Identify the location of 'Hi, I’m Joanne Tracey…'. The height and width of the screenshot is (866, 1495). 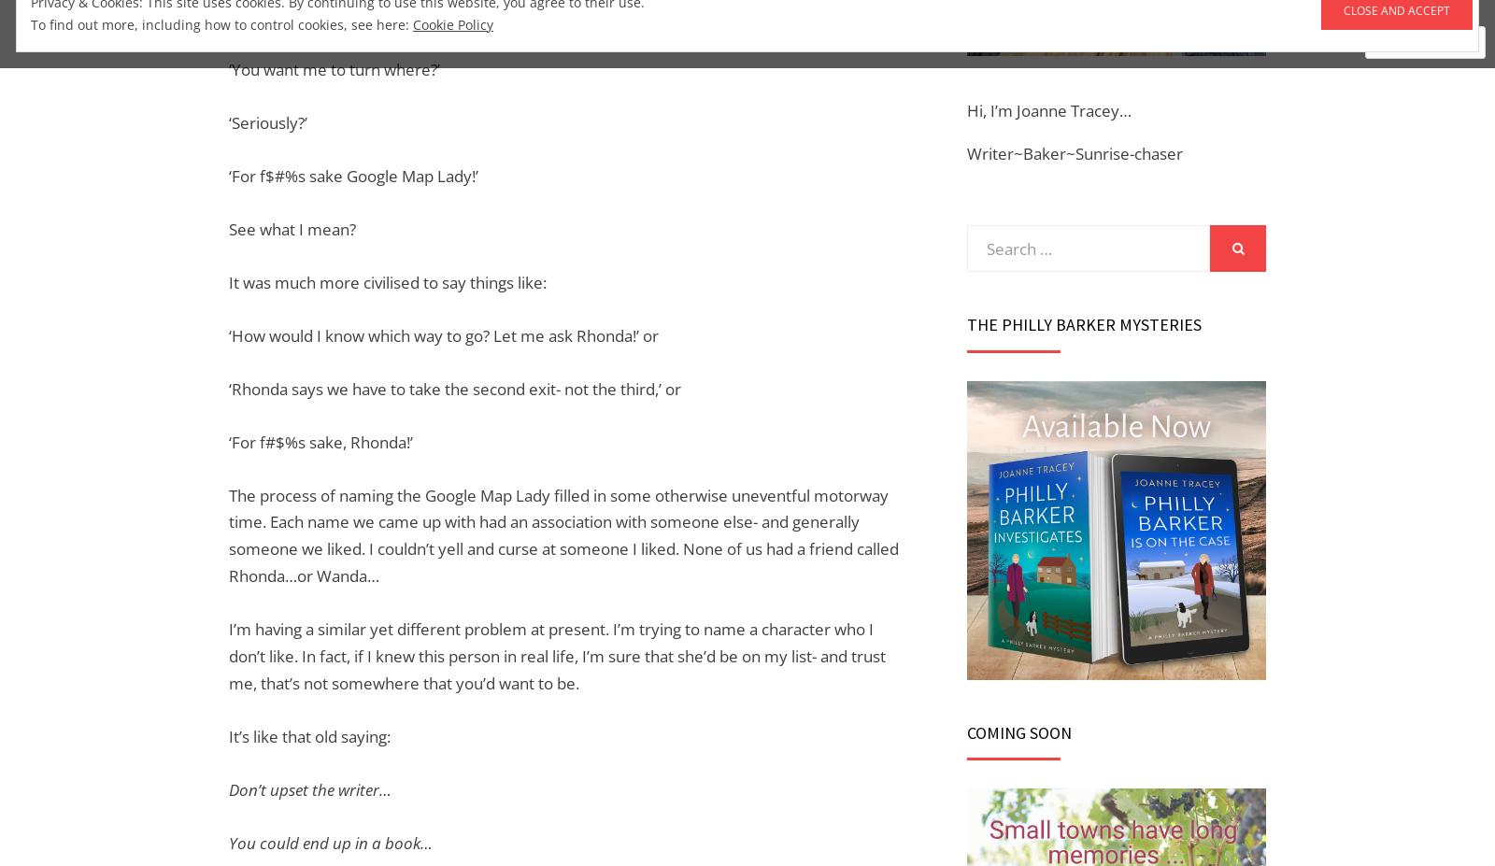
(967, 108).